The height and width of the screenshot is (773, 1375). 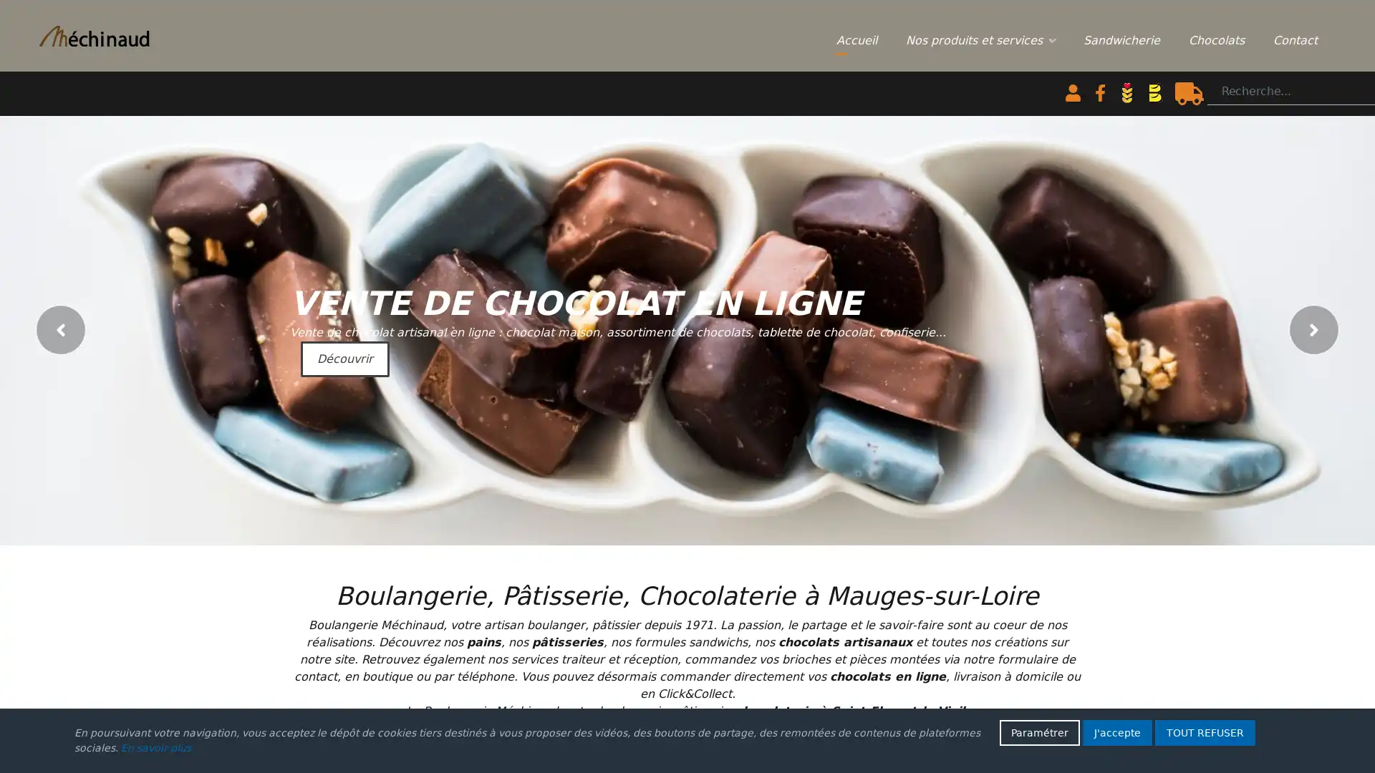 What do you see at coordinates (1205, 732) in the screenshot?
I see `TOUT REFUSER` at bounding box center [1205, 732].